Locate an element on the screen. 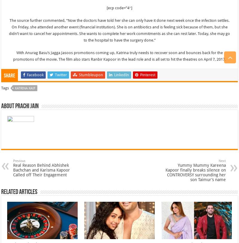  'Share' is located at coordinates (10, 75).